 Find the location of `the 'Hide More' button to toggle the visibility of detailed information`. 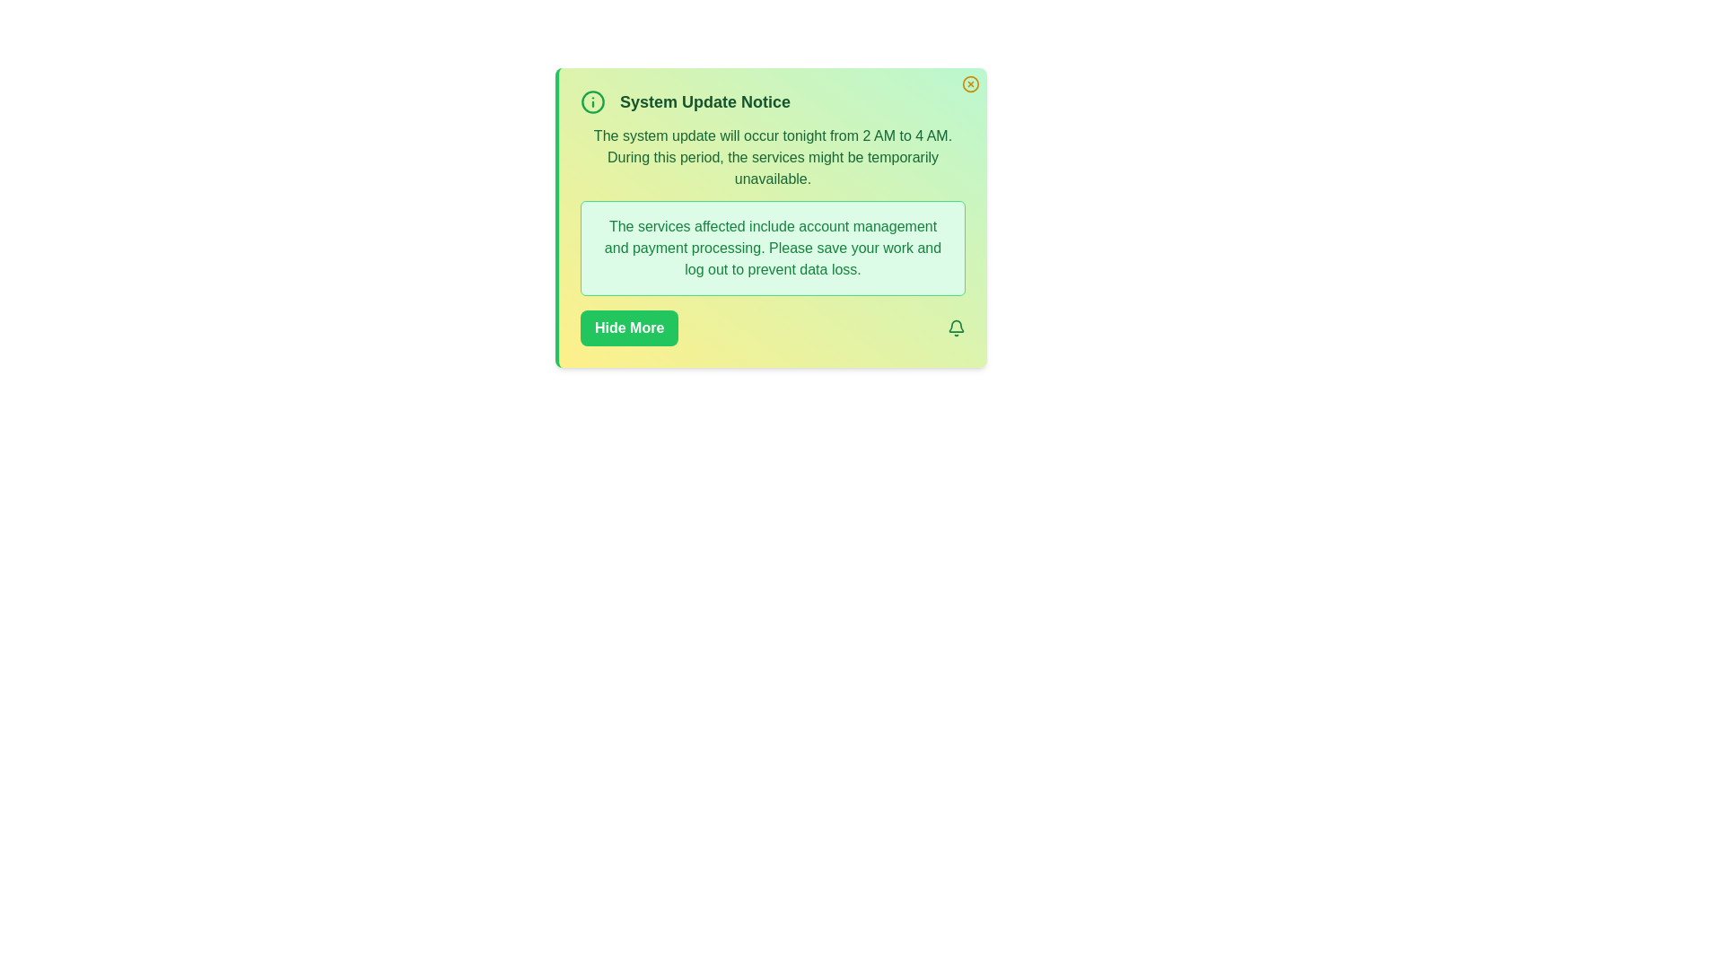

the 'Hide More' button to toggle the visibility of detailed information is located at coordinates (628, 328).